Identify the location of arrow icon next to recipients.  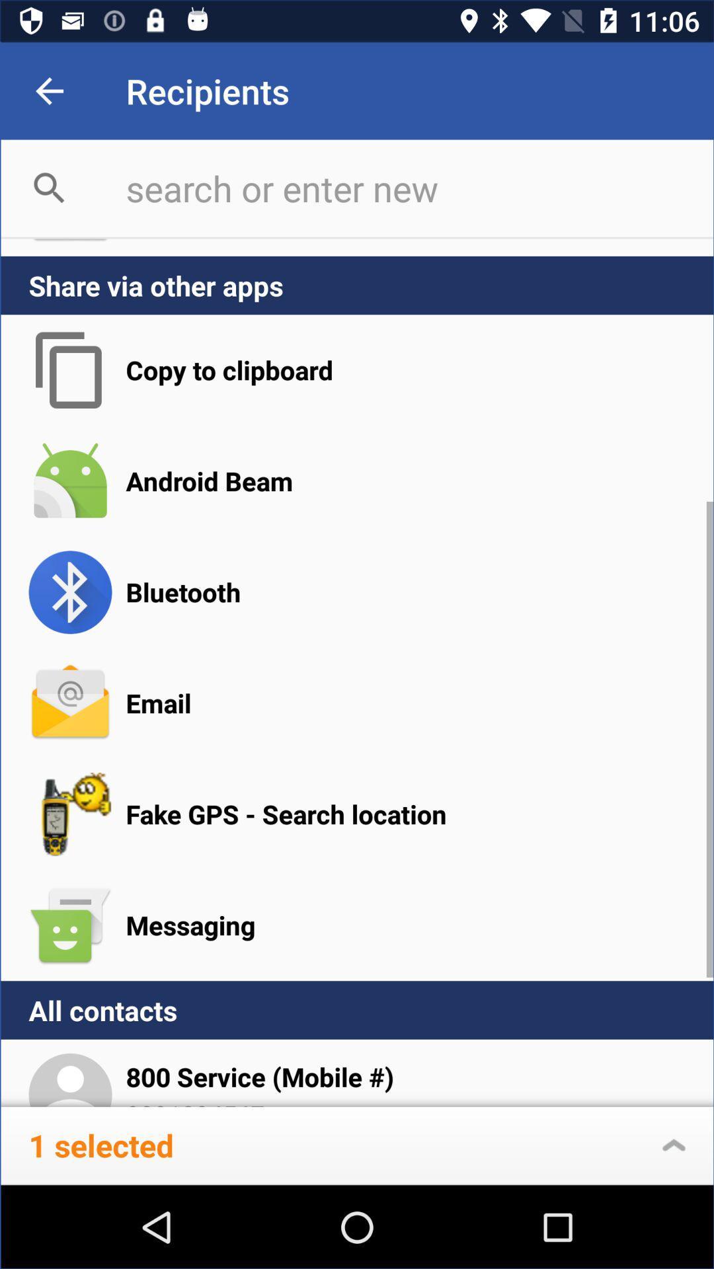
(49, 91).